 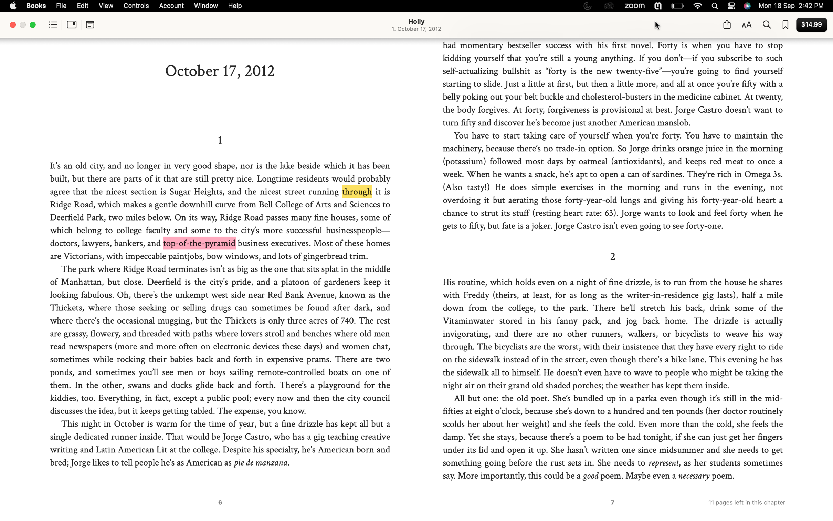 I want to click on Locate the term "handsome" in the book, so click(x=766, y=25).